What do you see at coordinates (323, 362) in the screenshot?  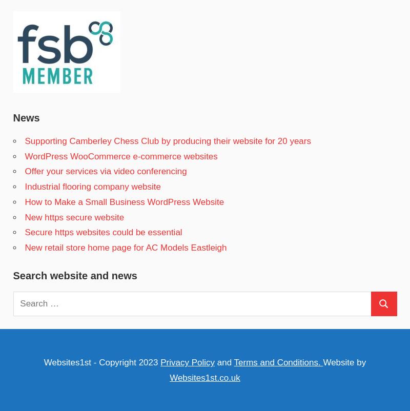 I see `'Website by'` at bounding box center [323, 362].